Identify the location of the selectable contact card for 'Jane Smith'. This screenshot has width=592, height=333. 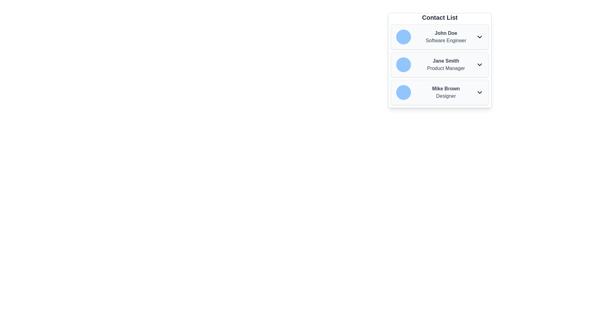
(439, 64).